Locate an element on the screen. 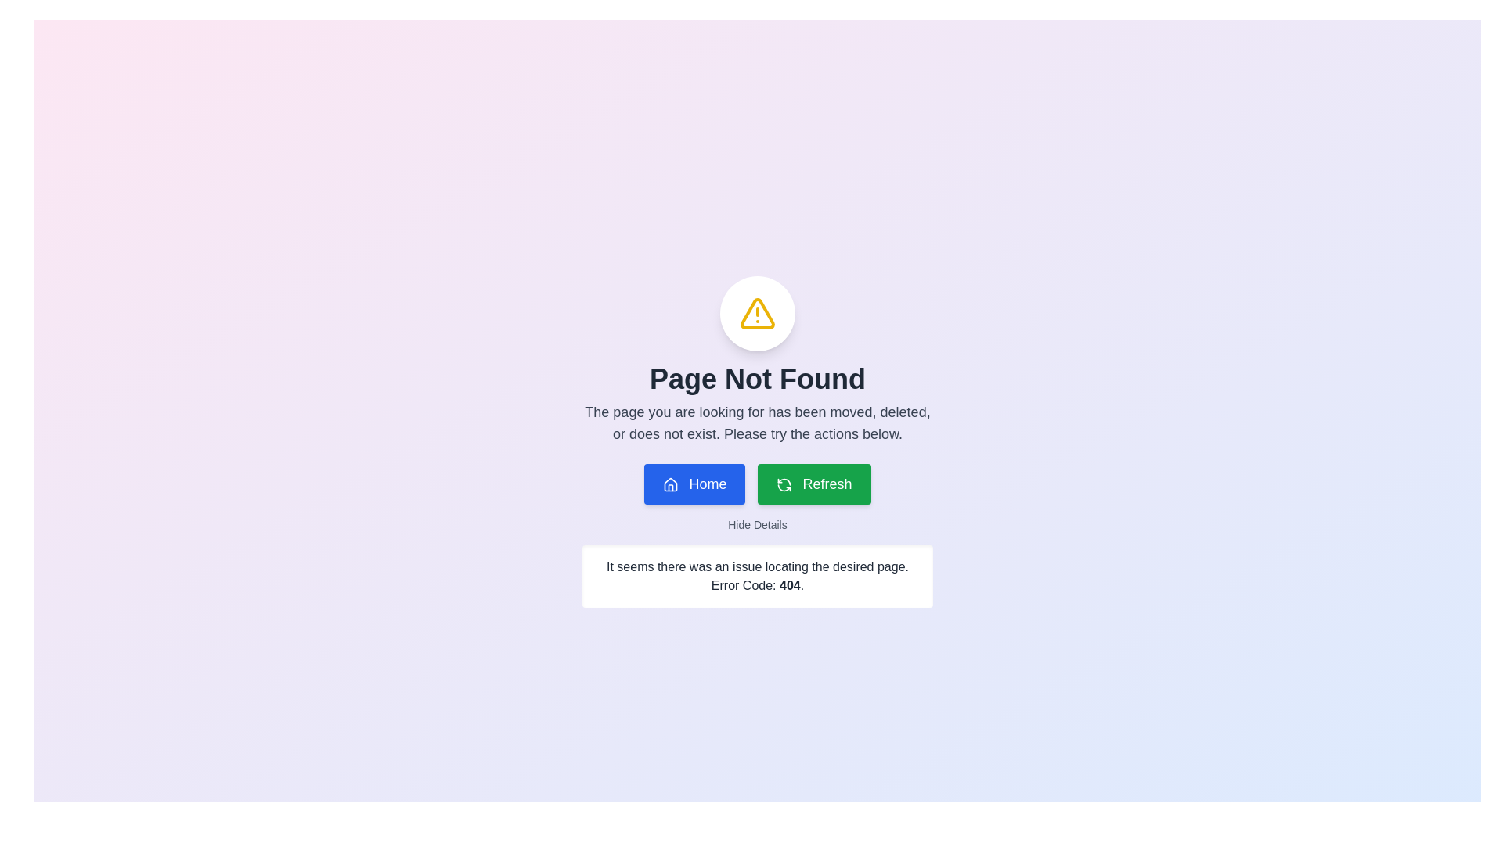 Image resolution: width=1503 pixels, height=845 pixels. the 'Hide Details' link, which is an underlined gray text label that changes to a darker gray on hover, located below the 'Home' and 'Refresh' buttons and above the message text area is located at coordinates (758, 525).